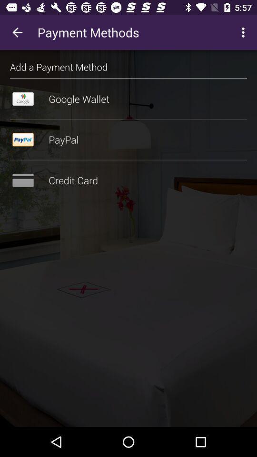 This screenshot has width=257, height=457. Describe the element at coordinates (17, 32) in the screenshot. I see `the icon next to the payment methods icon` at that location.